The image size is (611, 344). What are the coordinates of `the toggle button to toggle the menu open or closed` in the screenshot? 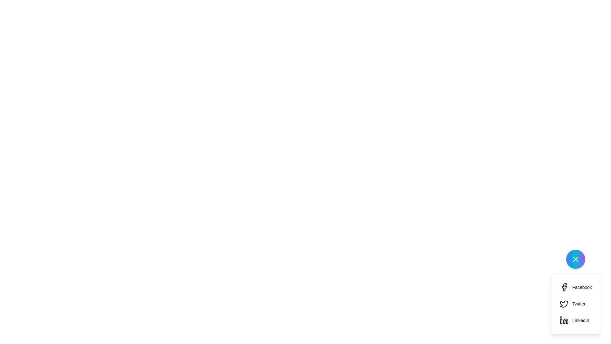 It's located at (576, 259).